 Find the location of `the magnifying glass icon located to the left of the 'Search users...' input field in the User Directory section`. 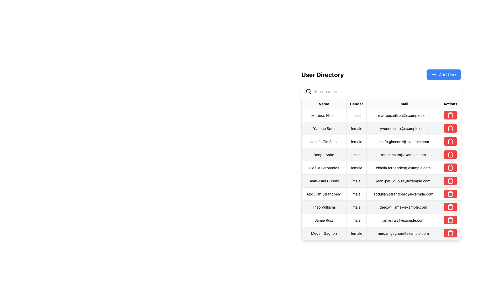

the magnifying glass icon located to the left of the 'Search users...' input field in the User Directory section is located at coordinates (308, 91).